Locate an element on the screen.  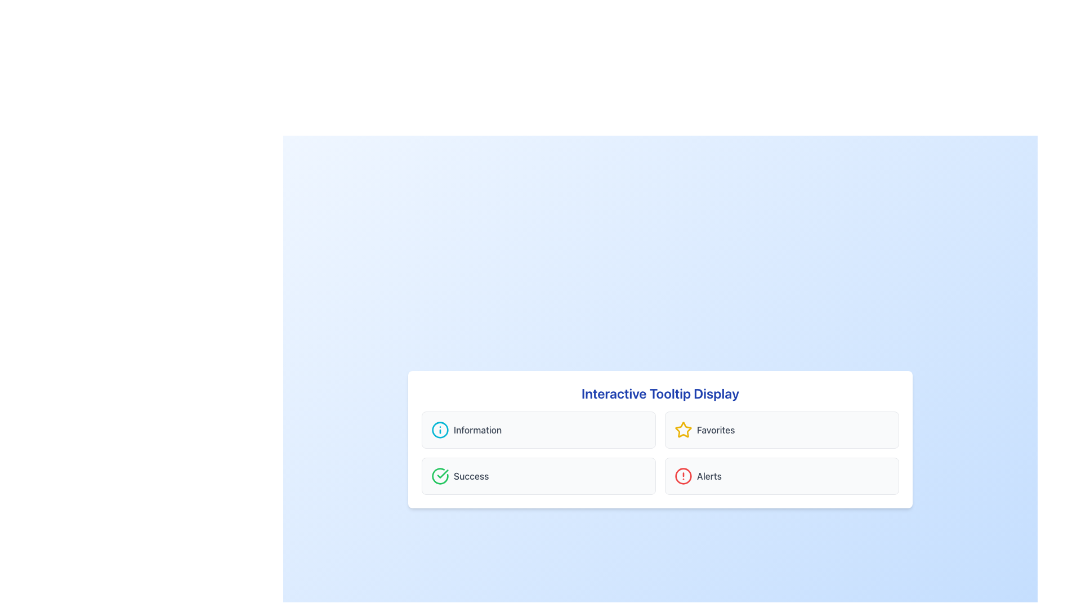
the static text label displaying 'Success' in bold gray font, located in the bottom-left quadrant of the panel, adjacent to a green circular checkmark icon is located at coordinates (471, 476).